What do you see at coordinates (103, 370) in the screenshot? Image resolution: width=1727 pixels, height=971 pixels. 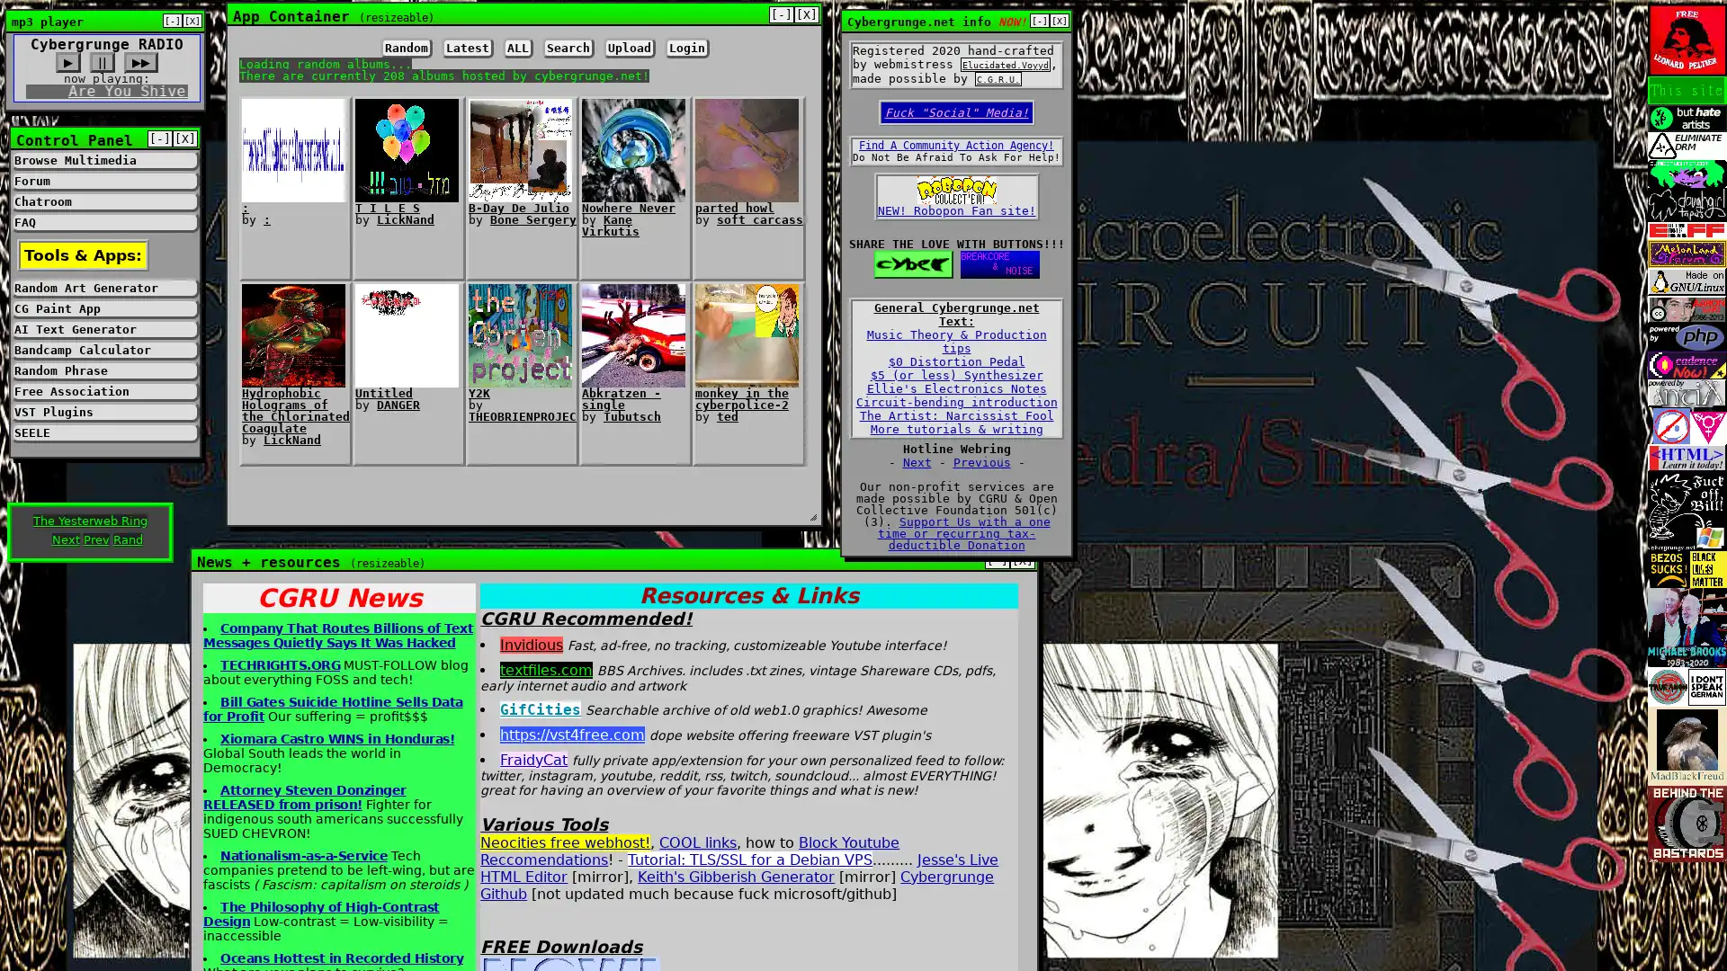 I see `Random Phrase` at bounding box center [103, 370].